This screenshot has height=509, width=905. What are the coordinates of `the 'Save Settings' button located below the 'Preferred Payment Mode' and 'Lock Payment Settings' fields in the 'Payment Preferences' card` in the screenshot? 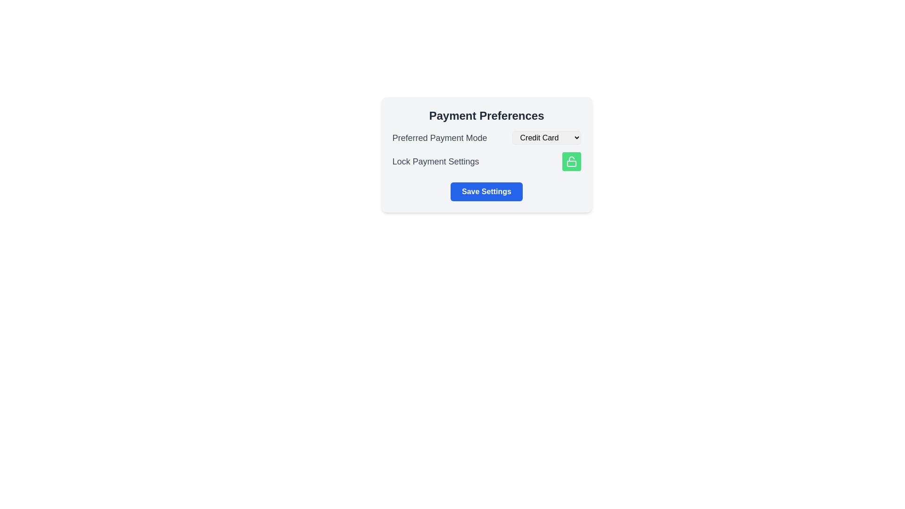 It's located at (486, 191).